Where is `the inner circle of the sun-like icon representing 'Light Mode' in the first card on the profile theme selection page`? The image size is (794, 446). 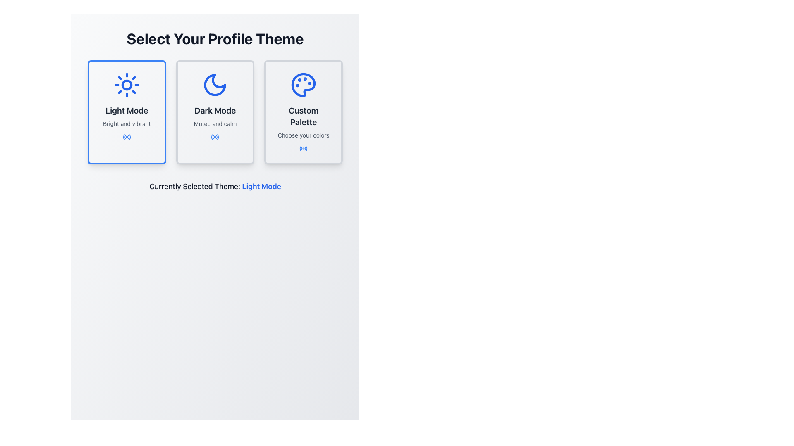 the inner circle of the sun-like icon representing 'Light Mode' in the first card on the profile theme selection page is located at coordinates (126, 85).